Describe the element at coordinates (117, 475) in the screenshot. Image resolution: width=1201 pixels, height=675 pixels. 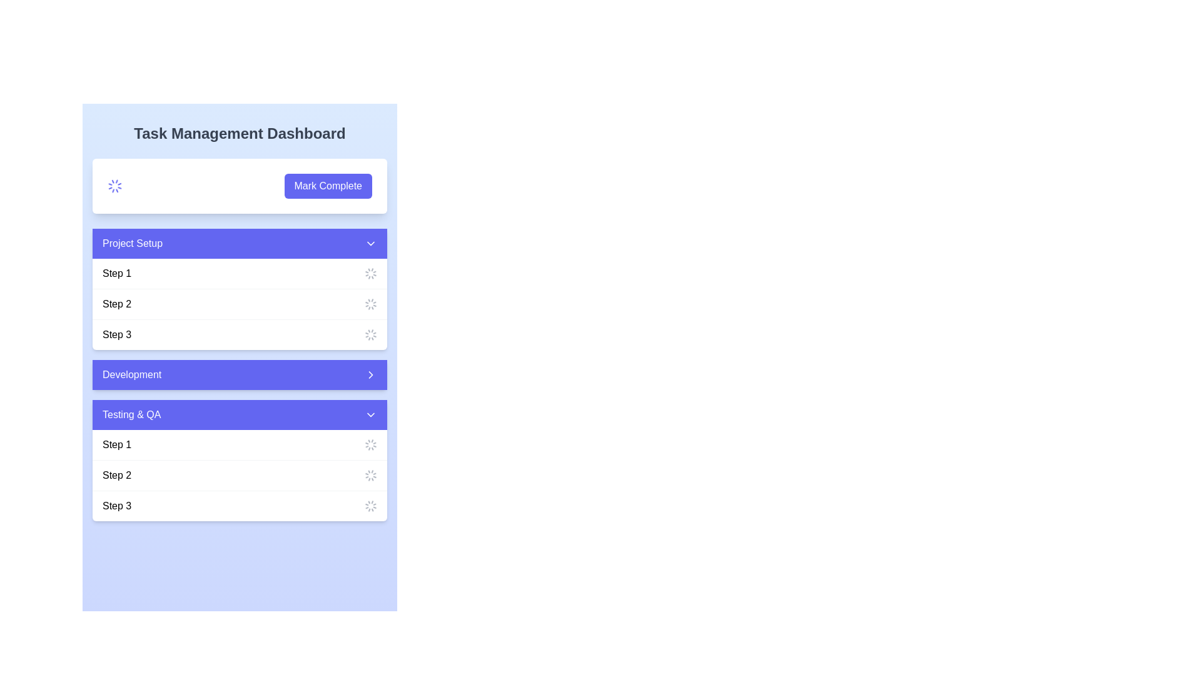
I see `the text label indicating the second step in the 'Testing & QA' process, located between 'Step 1' and 'Step 3'` at that location.